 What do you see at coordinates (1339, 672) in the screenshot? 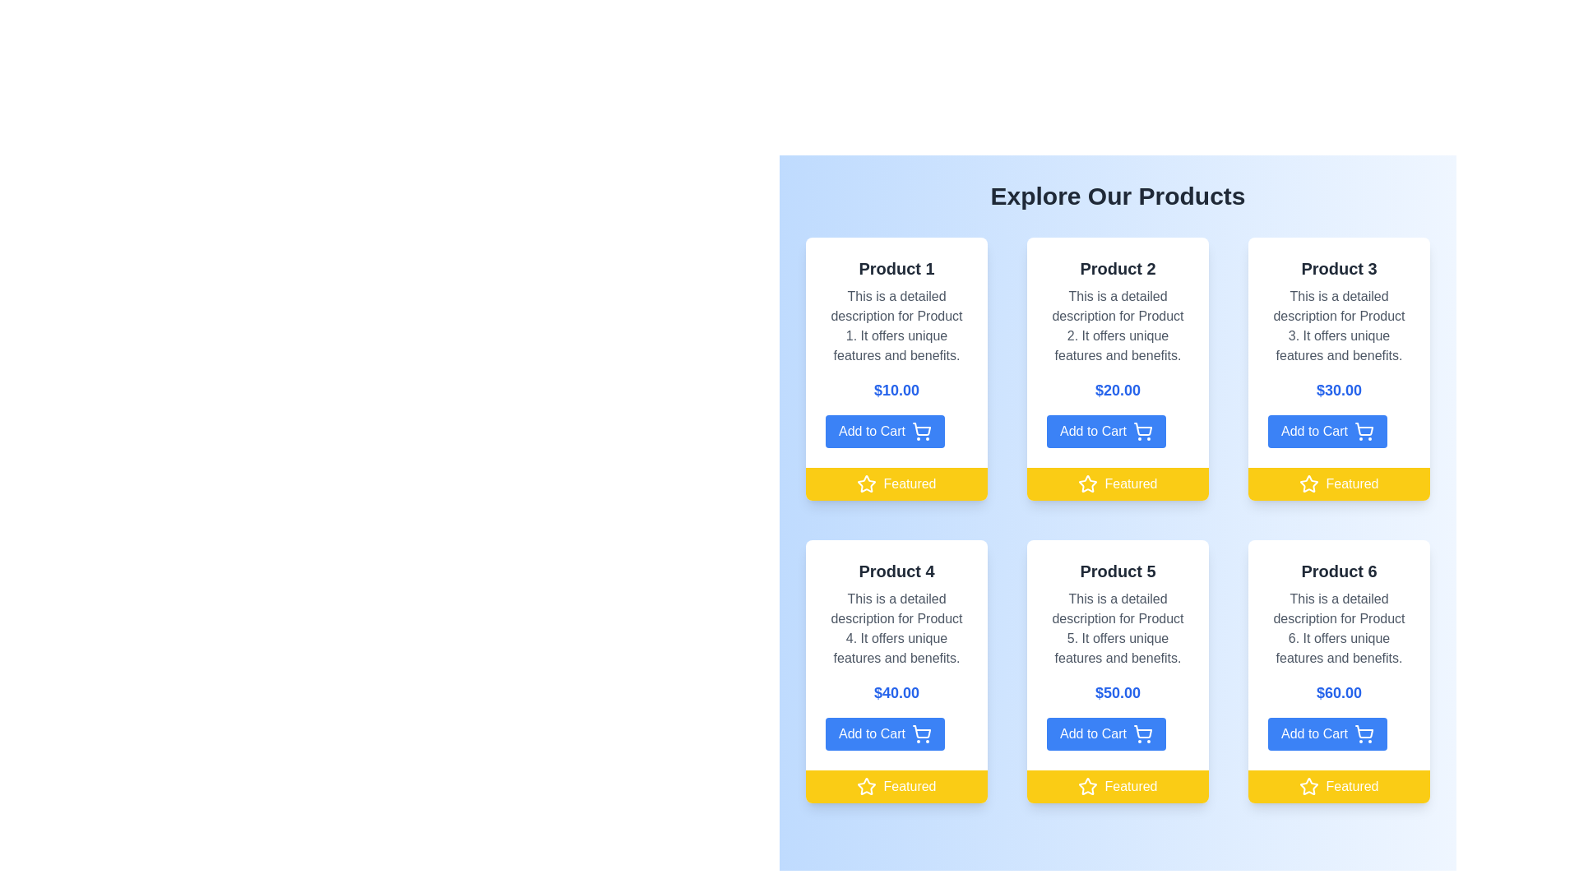
I see `text content of the card titled 'Product 6', which includes a description and price label of '$60.00', located in the third column and second row of the grid layout` at bounding box center [1339, 672].